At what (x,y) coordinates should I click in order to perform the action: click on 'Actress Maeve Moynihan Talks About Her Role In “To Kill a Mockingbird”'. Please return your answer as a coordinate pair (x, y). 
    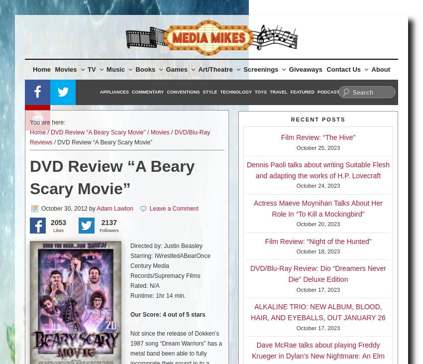
    Looking at the image, I should click on (318, 208).